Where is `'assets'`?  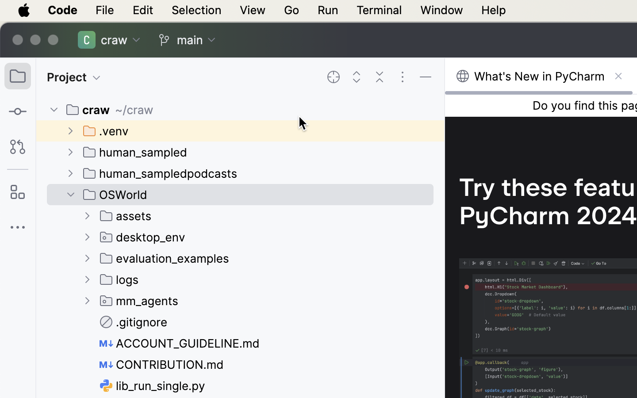
'assets' is located at coordinates (125, 215).